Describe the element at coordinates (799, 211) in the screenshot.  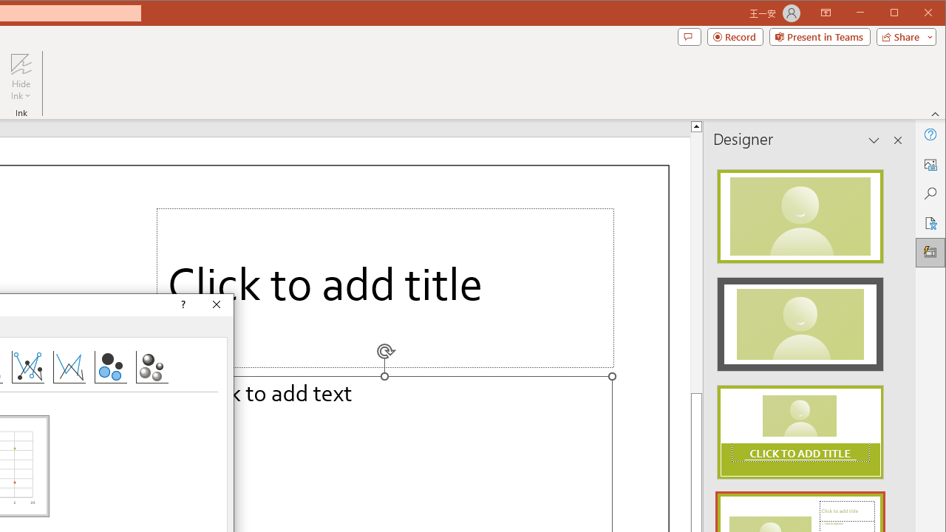
I see `'Recommended Design: Design Idea'` at that location.